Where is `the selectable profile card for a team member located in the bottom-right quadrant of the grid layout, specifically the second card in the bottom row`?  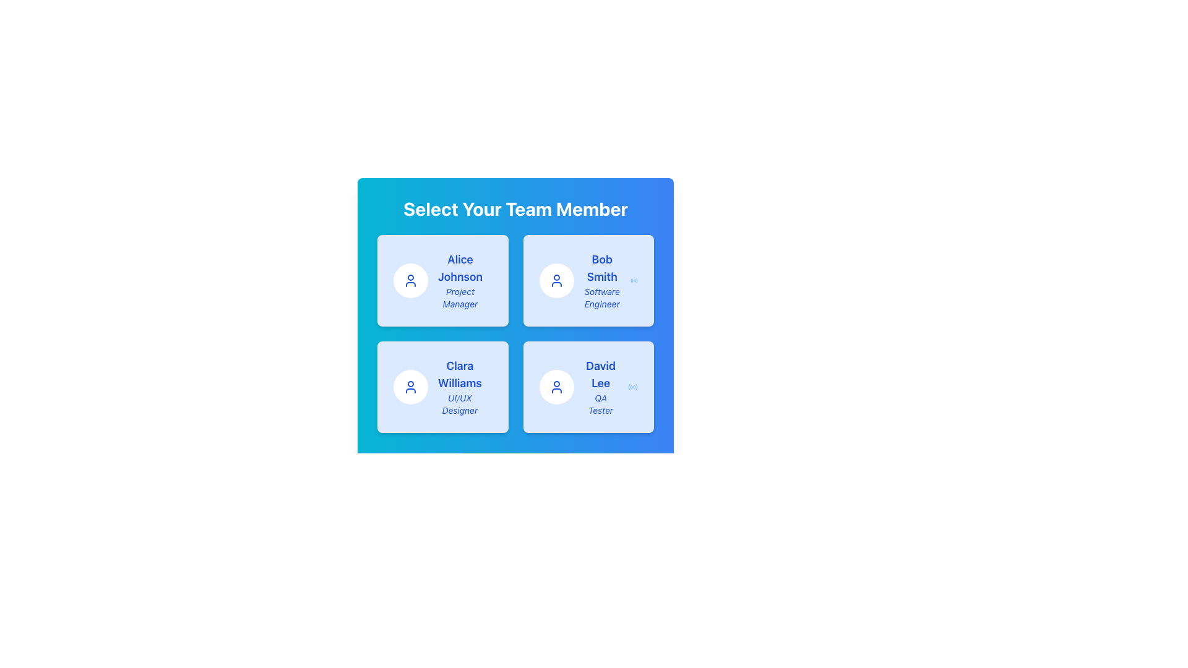
the selectable profile card for a team member located in the bottom-right quadrant of the grid layout, specifically the second card in the bottom row is located at coordinates (588, 386).